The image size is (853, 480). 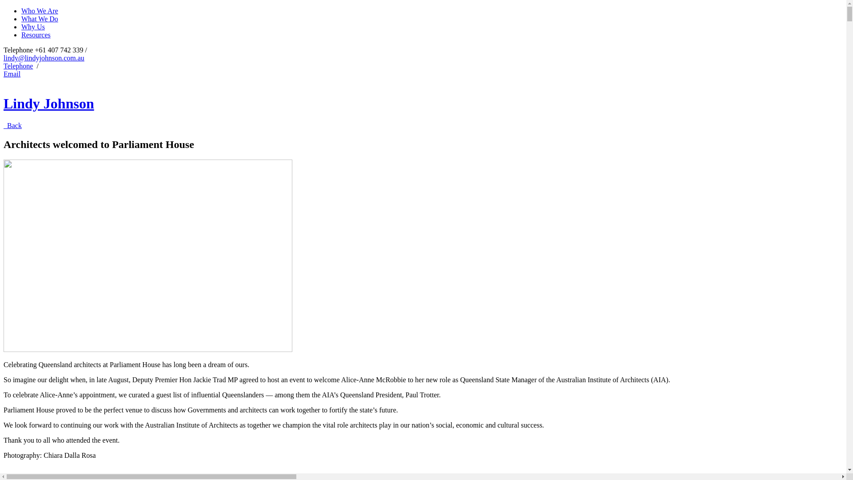 I want to click on 'Email', so click(x=12, y=73).